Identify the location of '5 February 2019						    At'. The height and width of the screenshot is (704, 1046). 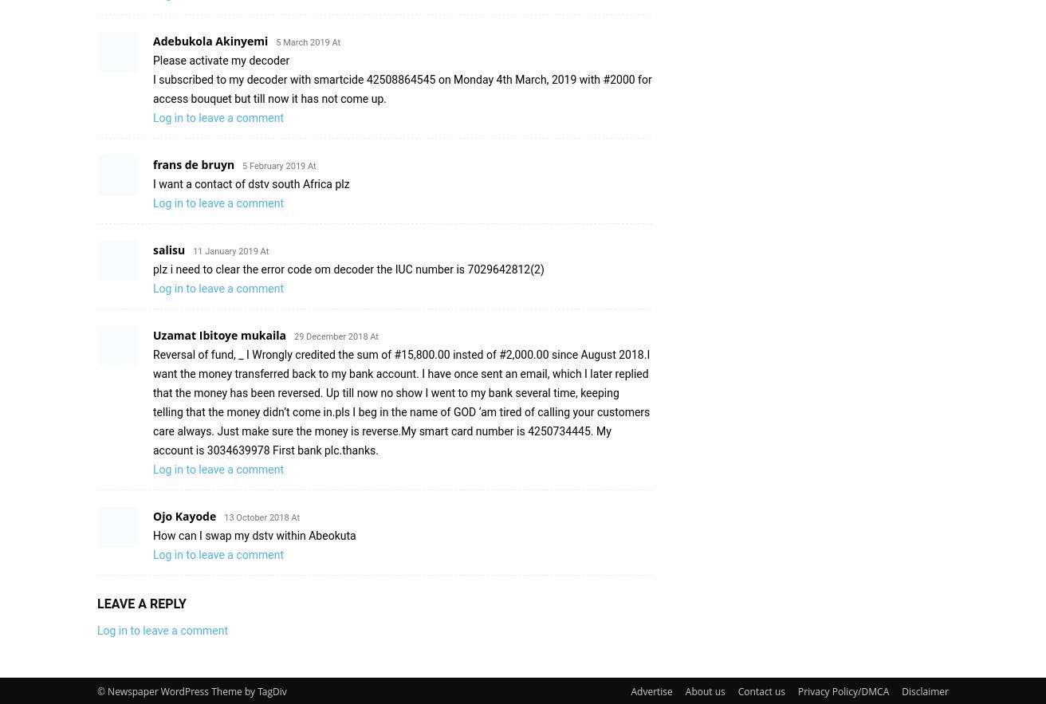
(279, 166).